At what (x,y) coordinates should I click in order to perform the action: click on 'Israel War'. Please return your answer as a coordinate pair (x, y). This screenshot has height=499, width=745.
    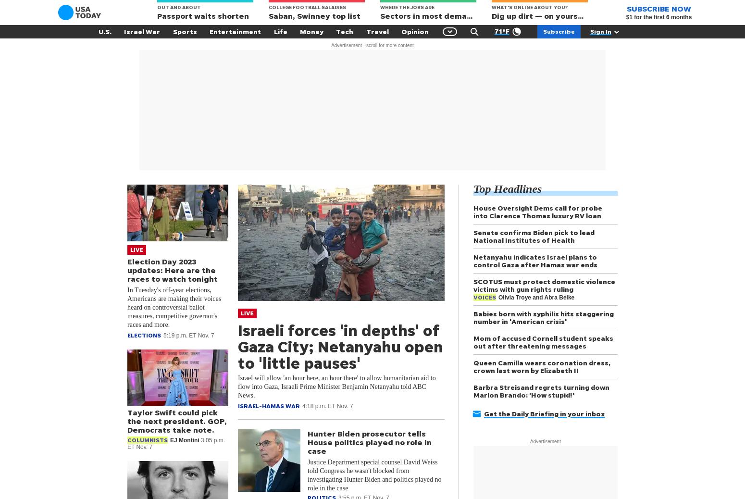
    Looking at the image, I should click on (142, 31).